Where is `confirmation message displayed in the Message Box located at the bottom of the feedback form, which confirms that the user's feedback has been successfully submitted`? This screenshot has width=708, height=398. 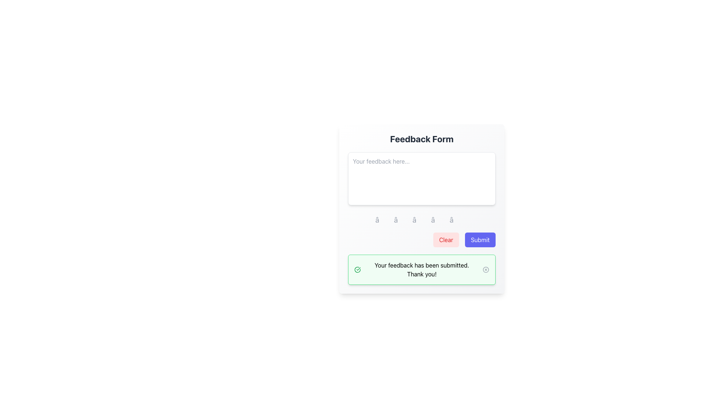 confirmation message displayed in the Message Box located at the bottom of the feedback form, which confirms that the user's feedback has been successfully submitted is located at coordinates (421, 270).